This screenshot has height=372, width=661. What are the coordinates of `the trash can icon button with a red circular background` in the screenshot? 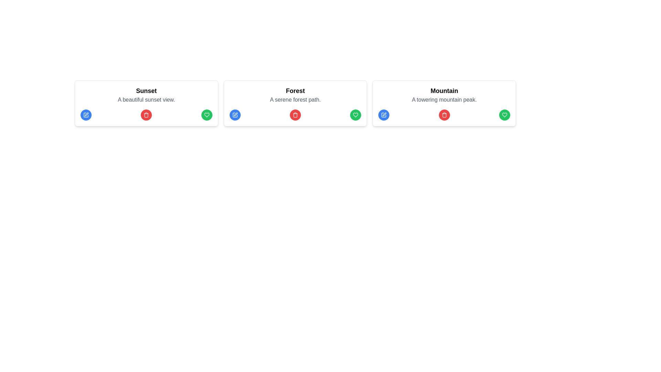 It's located at (444, 115).